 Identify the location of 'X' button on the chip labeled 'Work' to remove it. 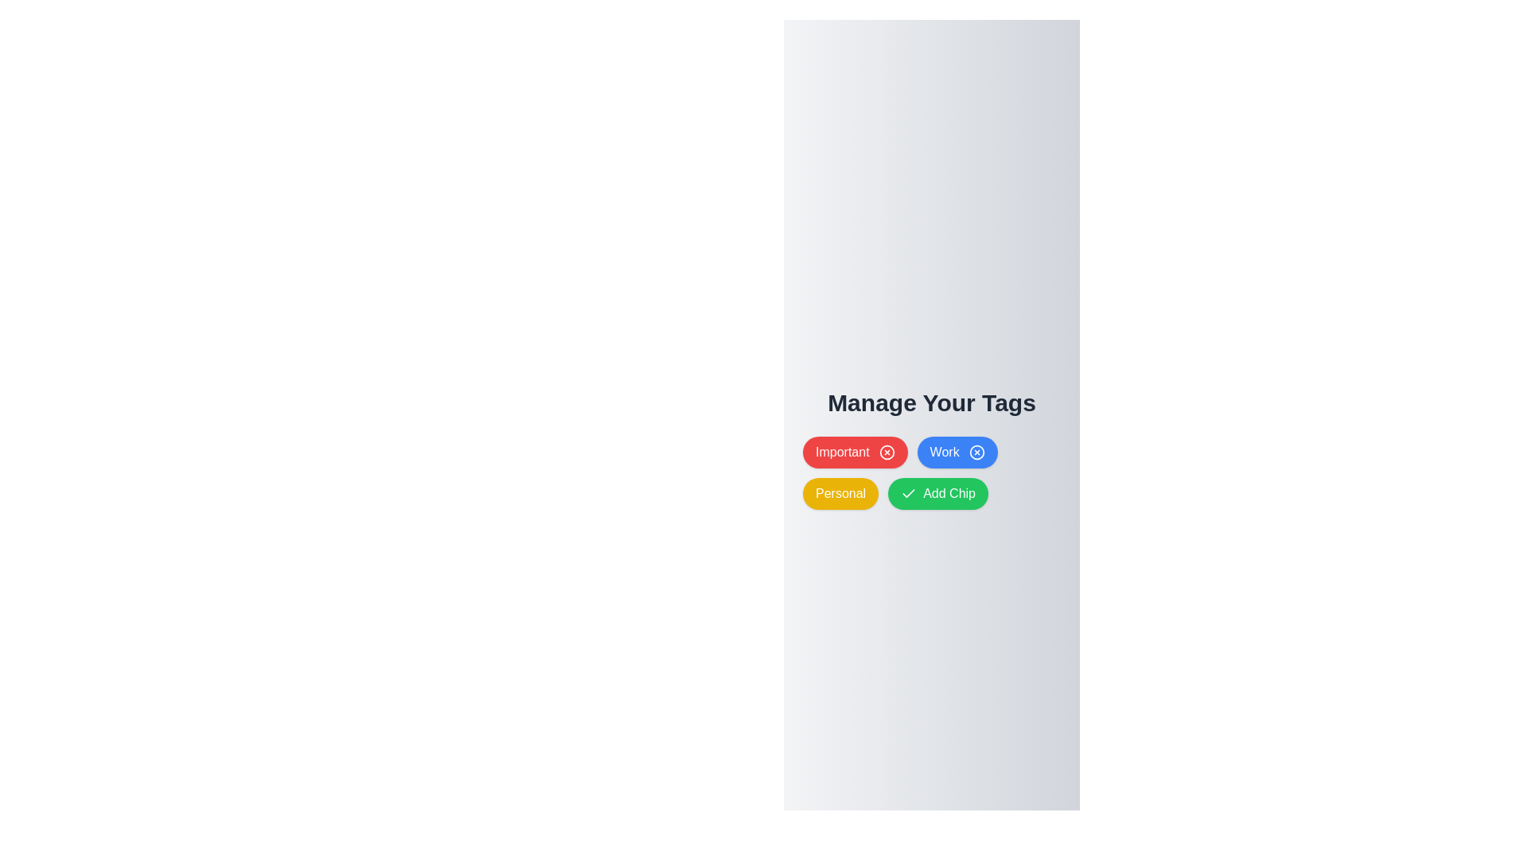
(976, 453).